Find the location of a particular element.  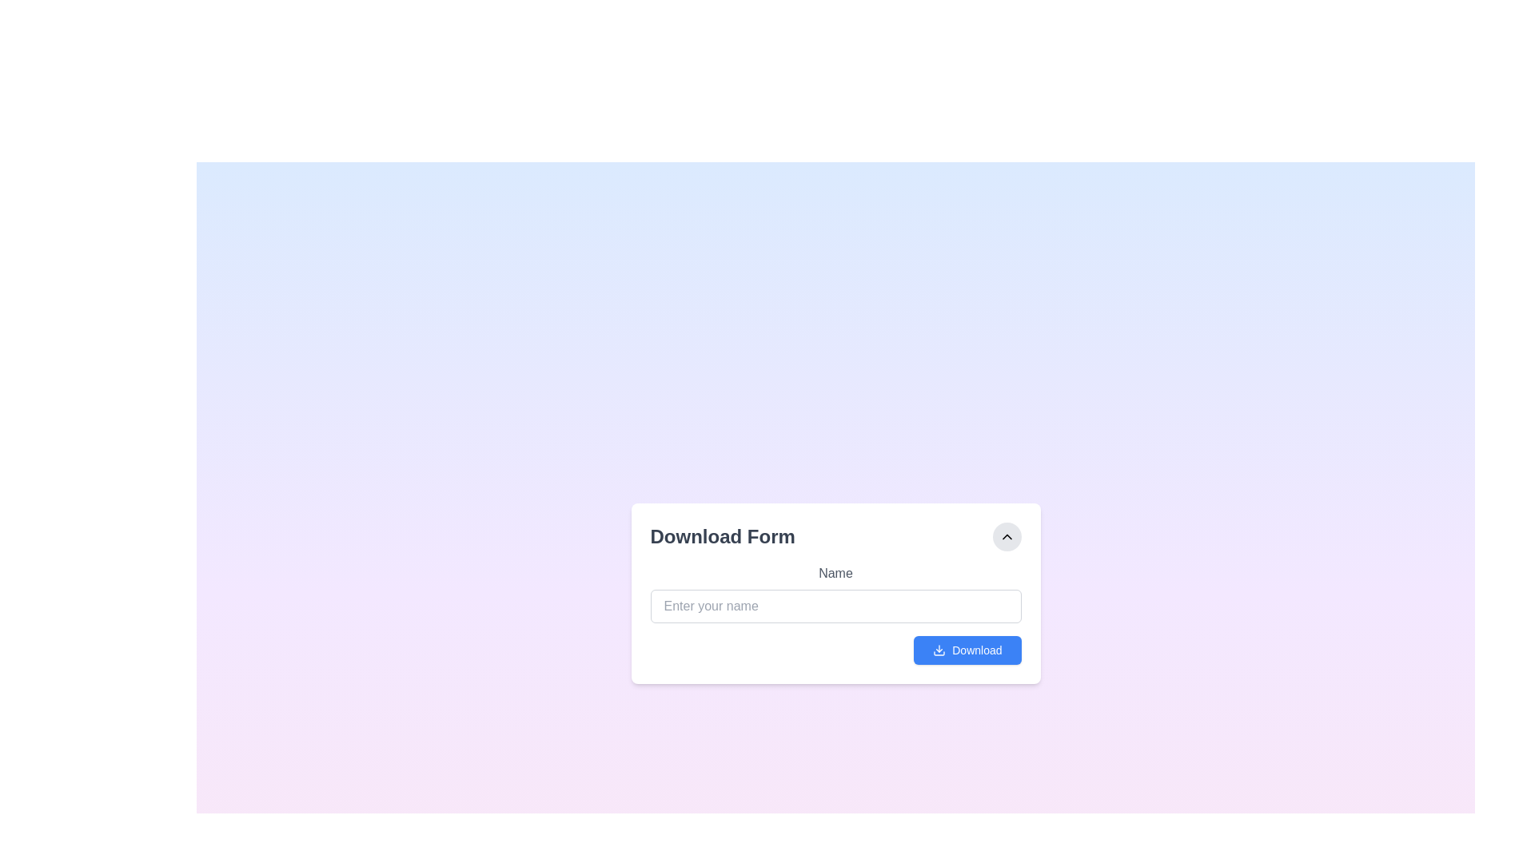

the 'Name' label, which is a medium gray text styled in sans-serif, positioned above the 'Enter your name' input field in the 'Download Form' card is located at coordinates (835, 572).